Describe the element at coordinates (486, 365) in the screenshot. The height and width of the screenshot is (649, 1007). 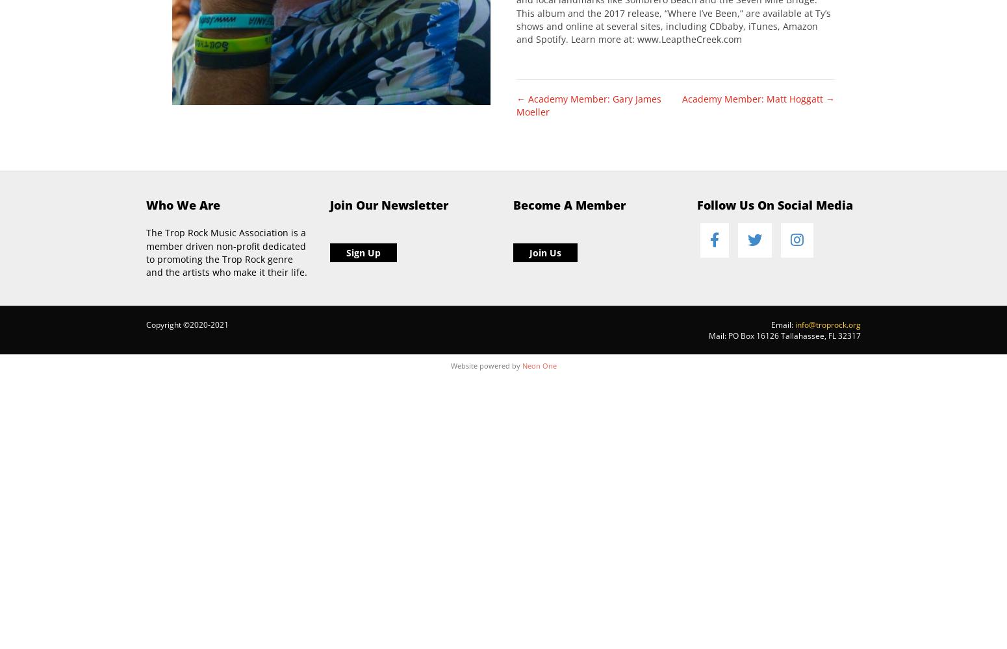
I see `'Website powered by'` at that location.